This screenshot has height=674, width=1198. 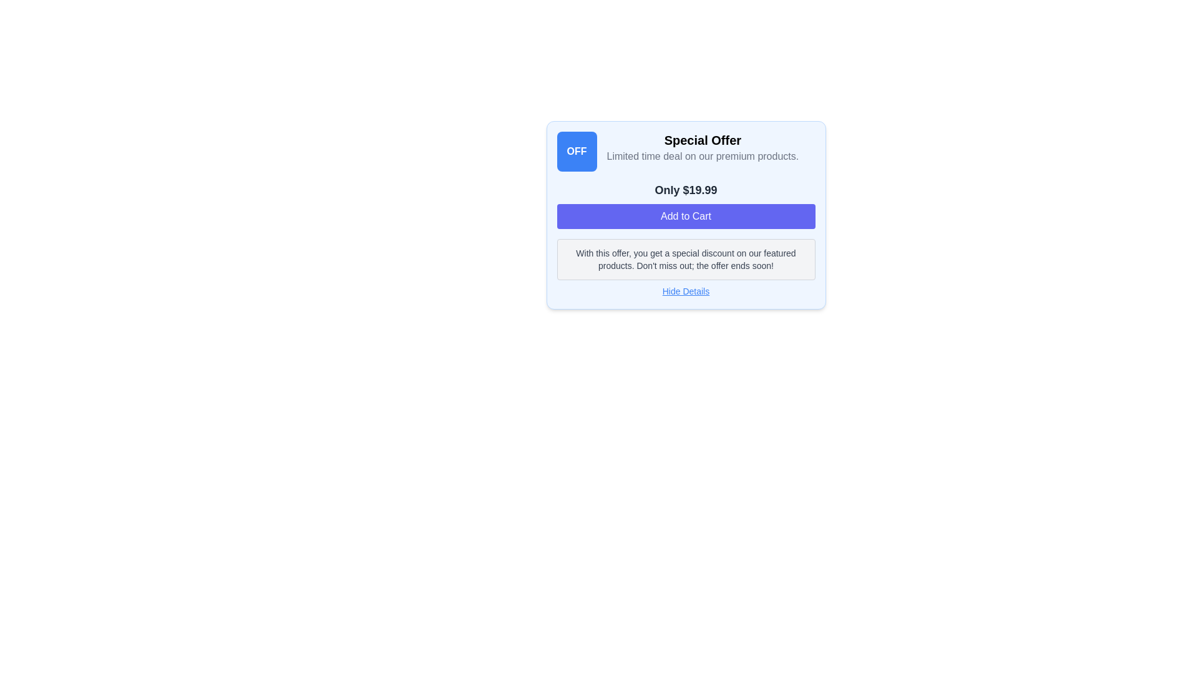 What do you see at coordinates (576, 151) in the screenshot?
I see `the blue rounded square label containing the bold white text 'OFF', which is the first item in a horizontally-aligned group` at bounding box center [576, 151].